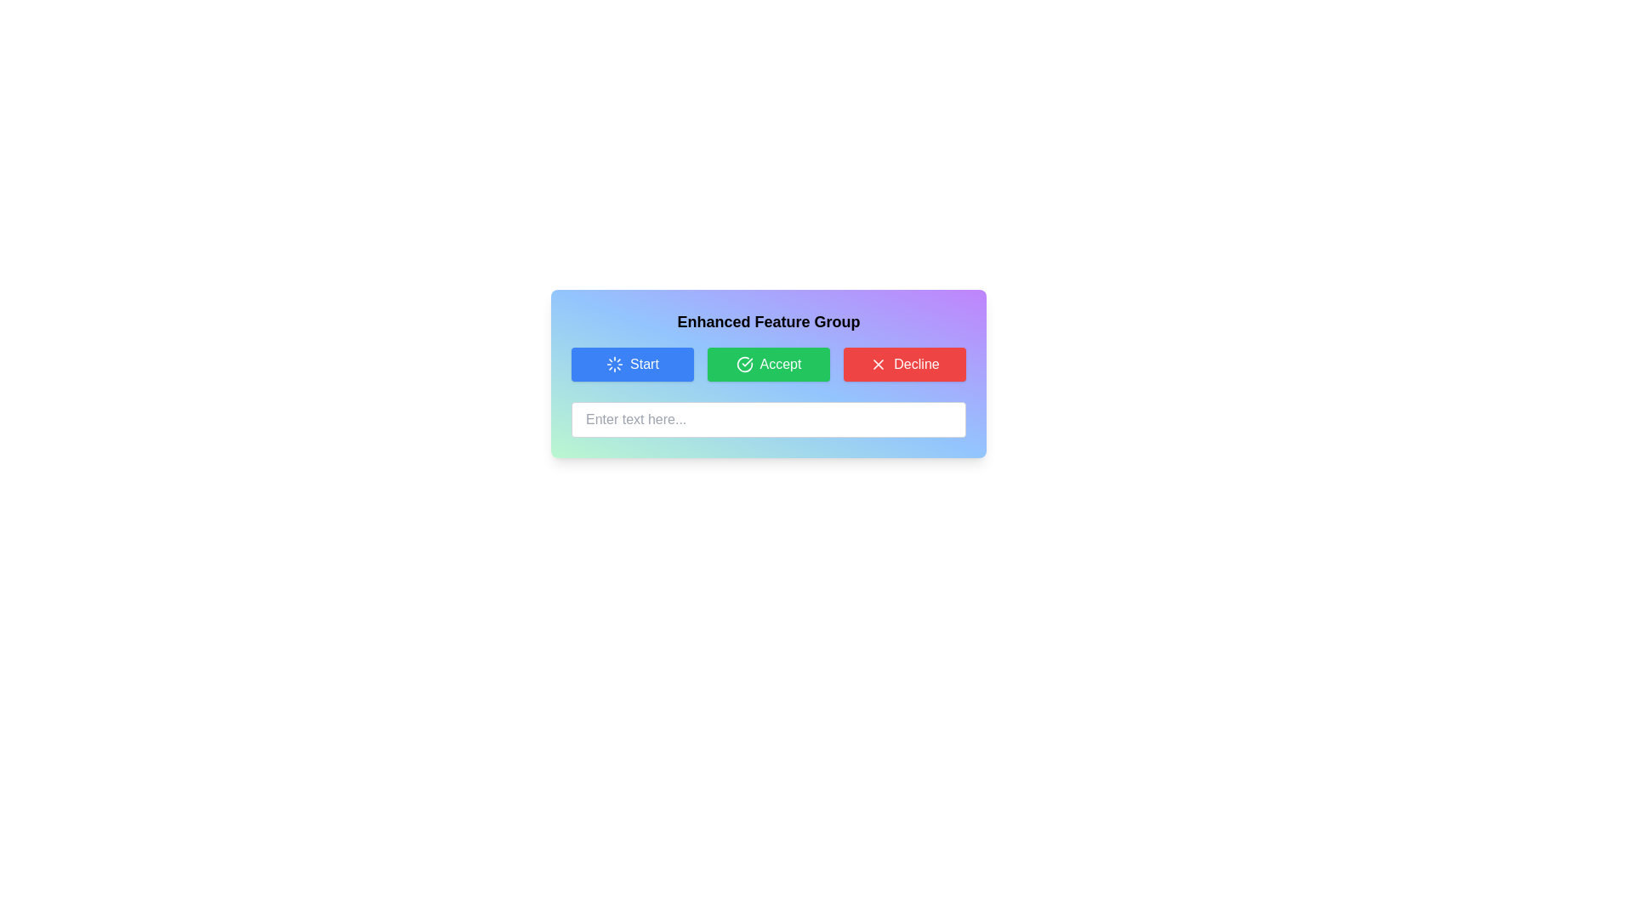 Image resolution: width=1633 pixels, height=918 pixels. I want to click on text displayed on the label of the green 'Accept' button, which is located between the 'Start' and 'Decline' buttons, so click(779, 363).